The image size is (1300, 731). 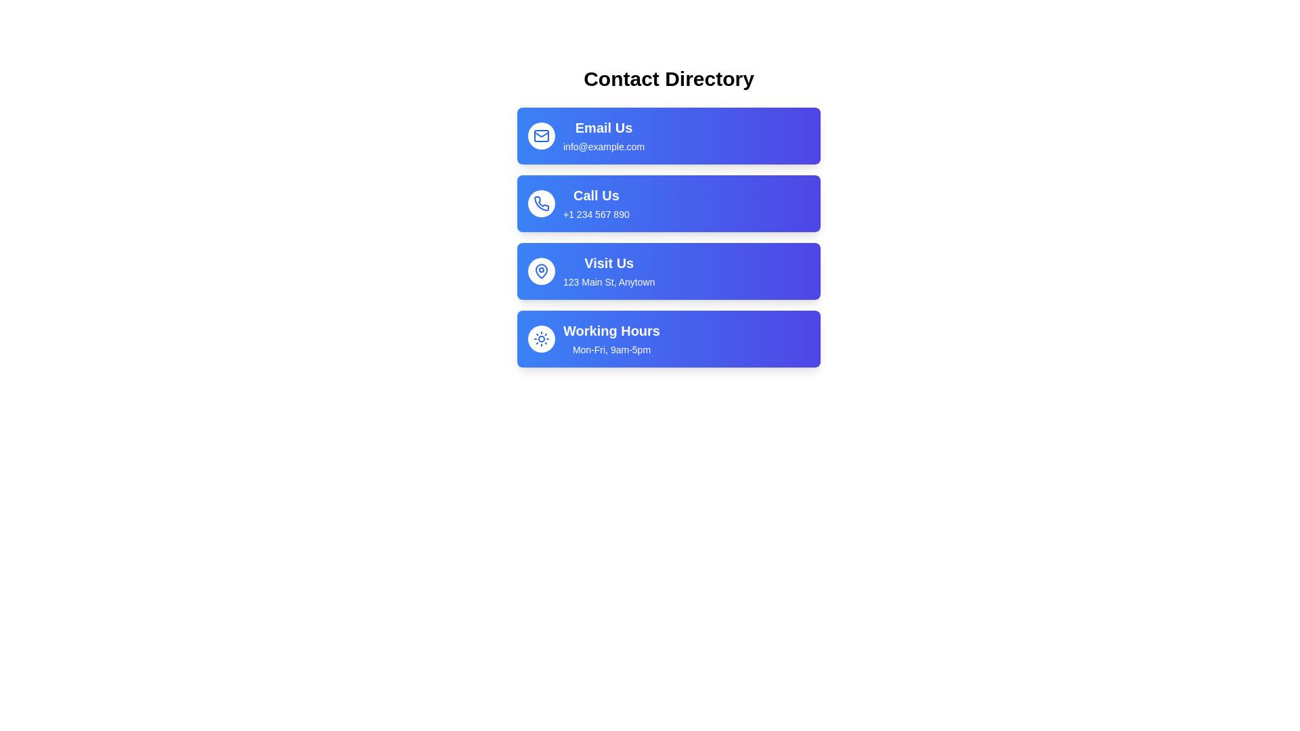 What do you see at coordinates (542, 203) in the screenshot?
I see `the Icon Button located in the 'Call Us' section of the Contact Directory interface, which is identified by the phone icon and is positioned to the left of the text 'Call Us' and '+1 234 567 890'` at bounding box center [542, 203].